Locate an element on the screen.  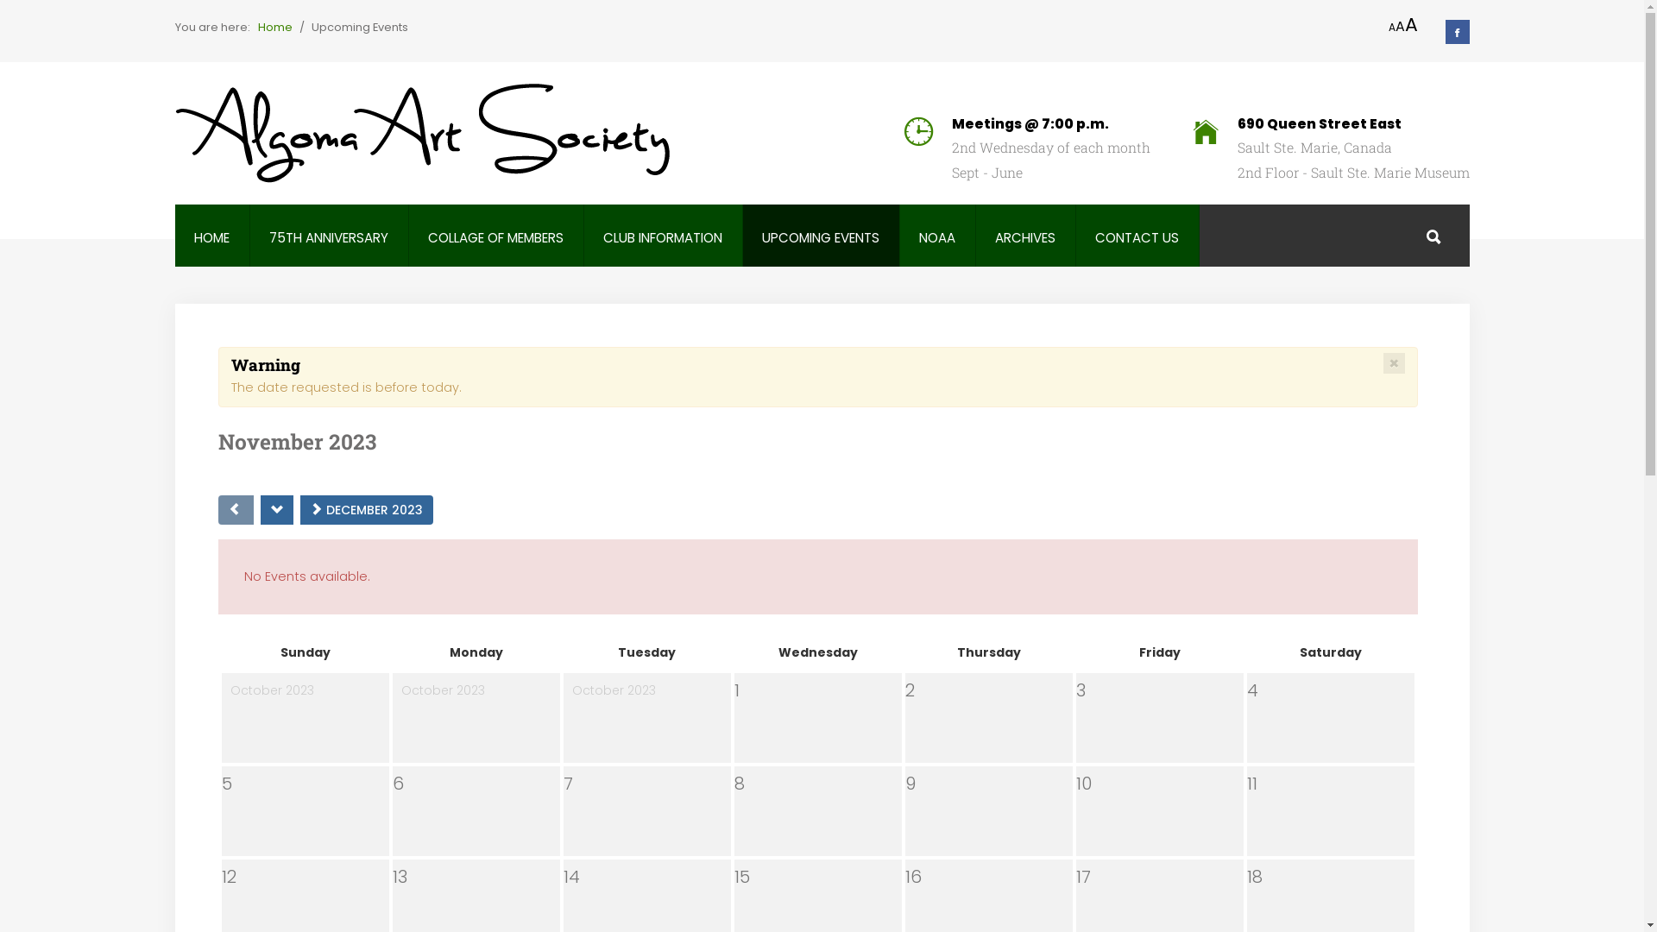
'NOAA' is located at coordinates (936, 237).